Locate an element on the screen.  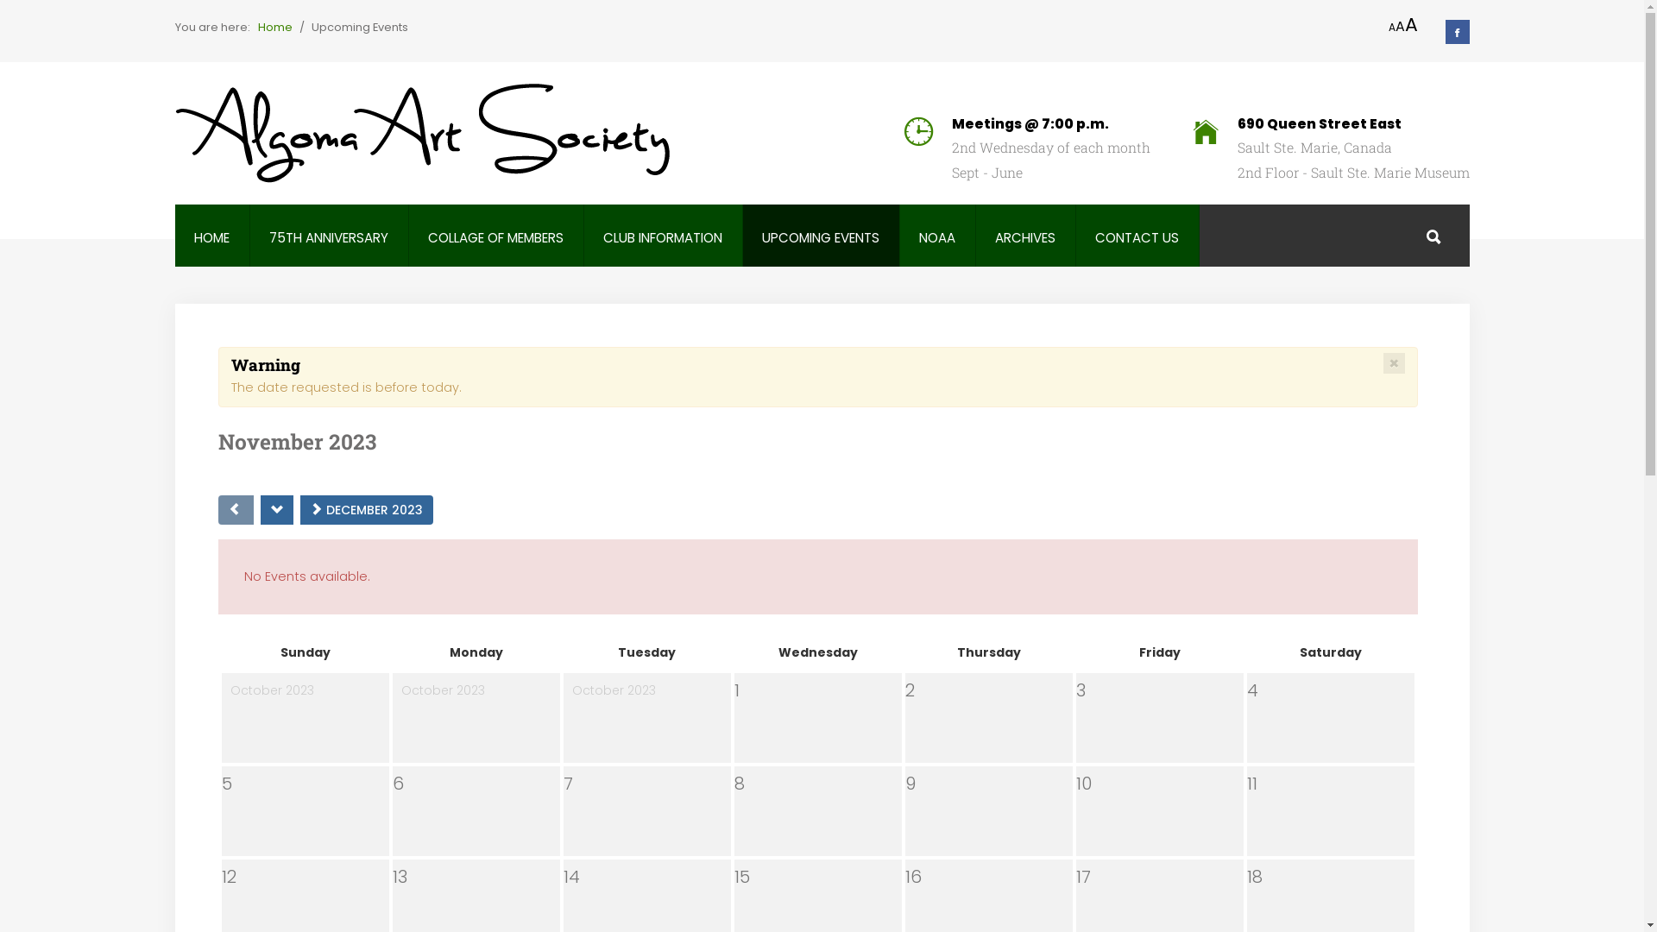
'NOAA' is located at coordinates (936, 237).